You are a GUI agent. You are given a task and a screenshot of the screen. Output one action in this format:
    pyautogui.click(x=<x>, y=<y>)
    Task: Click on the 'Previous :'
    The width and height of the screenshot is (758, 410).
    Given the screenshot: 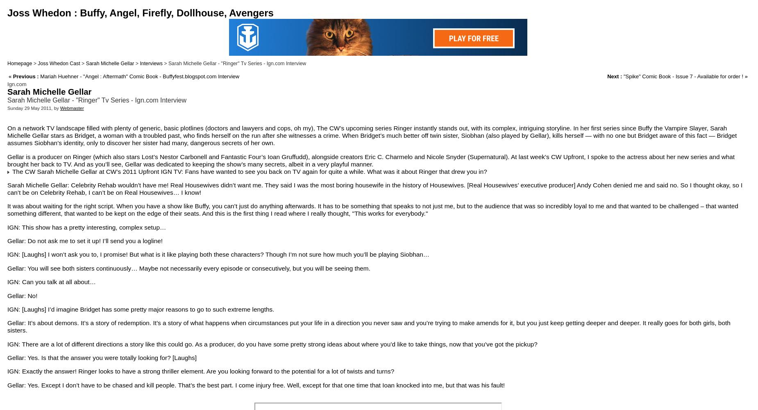 What is the action you would take?
    pyautogui.click(x=25, y=76)
    